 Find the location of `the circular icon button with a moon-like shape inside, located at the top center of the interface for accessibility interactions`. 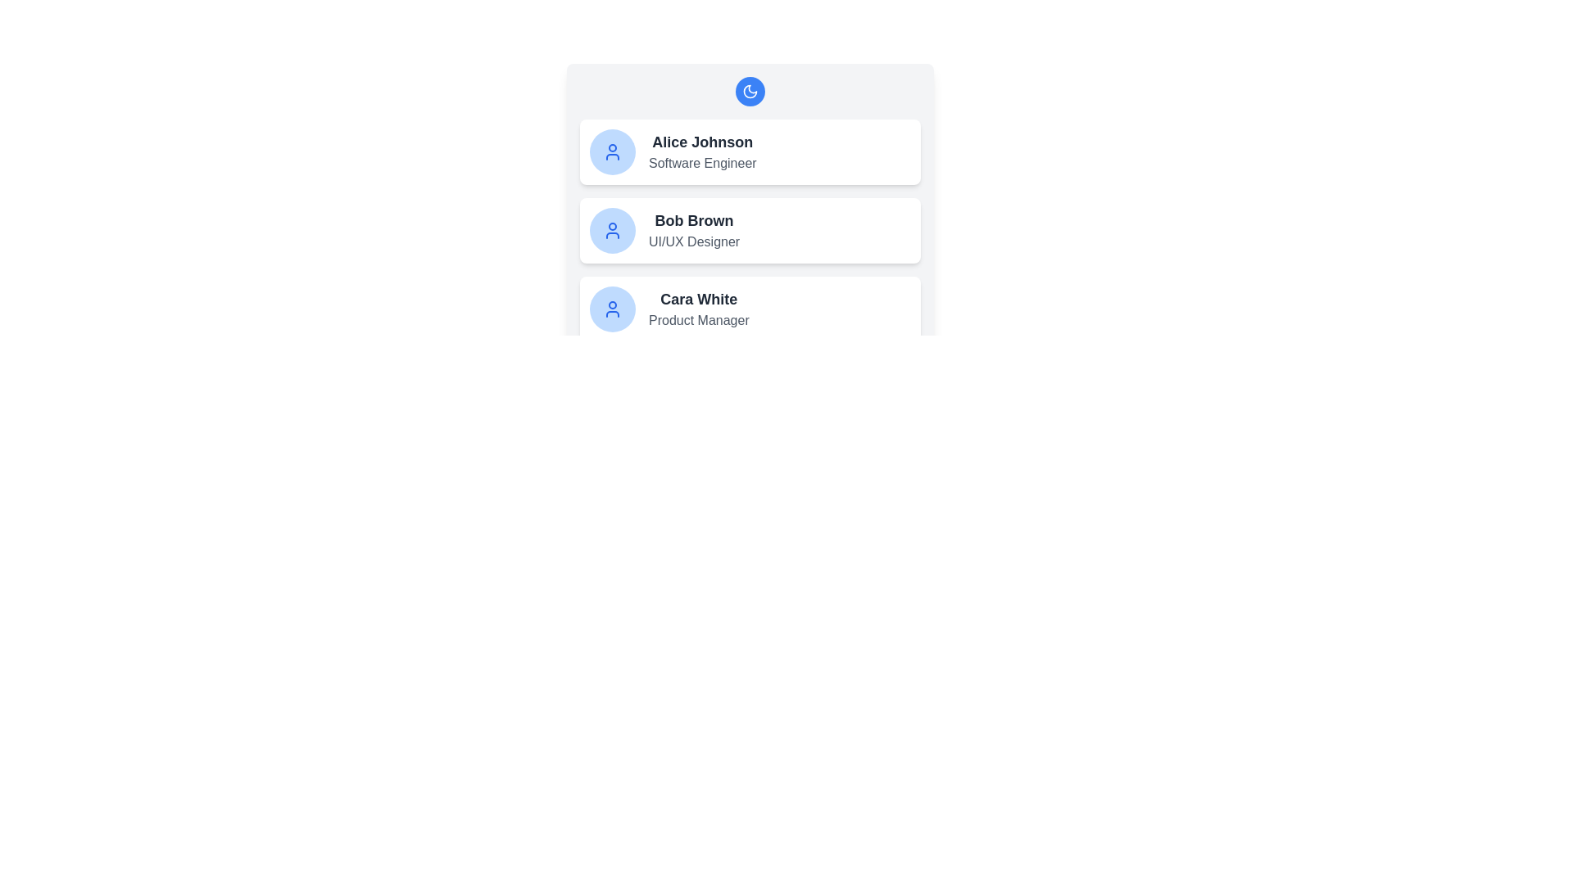

the circular icon button with a moon-like shape inside, located at the top center of the interface for accessibility interactions is located at coordinates (750, 91).